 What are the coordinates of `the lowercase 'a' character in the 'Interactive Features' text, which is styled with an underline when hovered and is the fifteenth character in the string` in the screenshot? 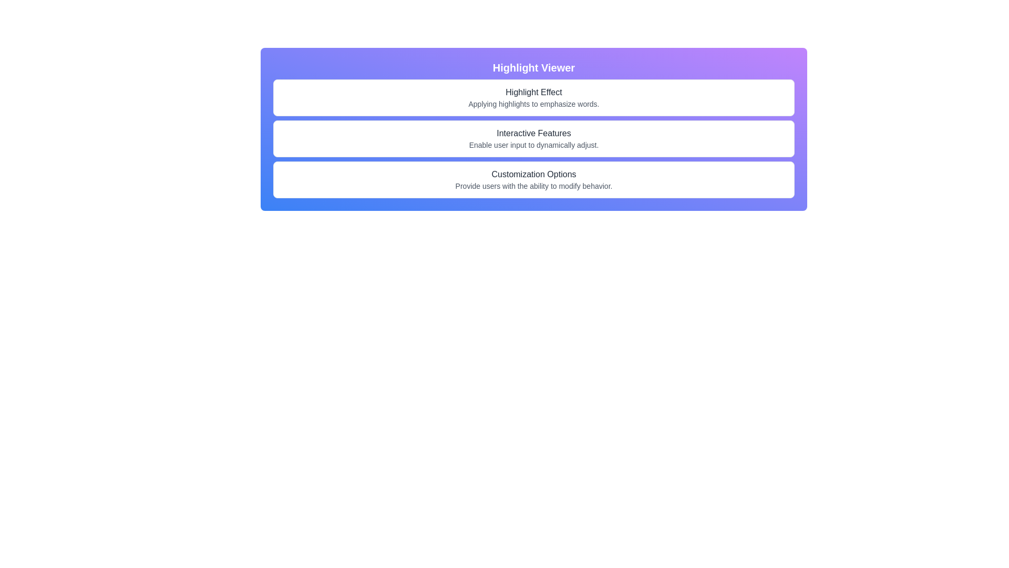 It's located at (549, 133).